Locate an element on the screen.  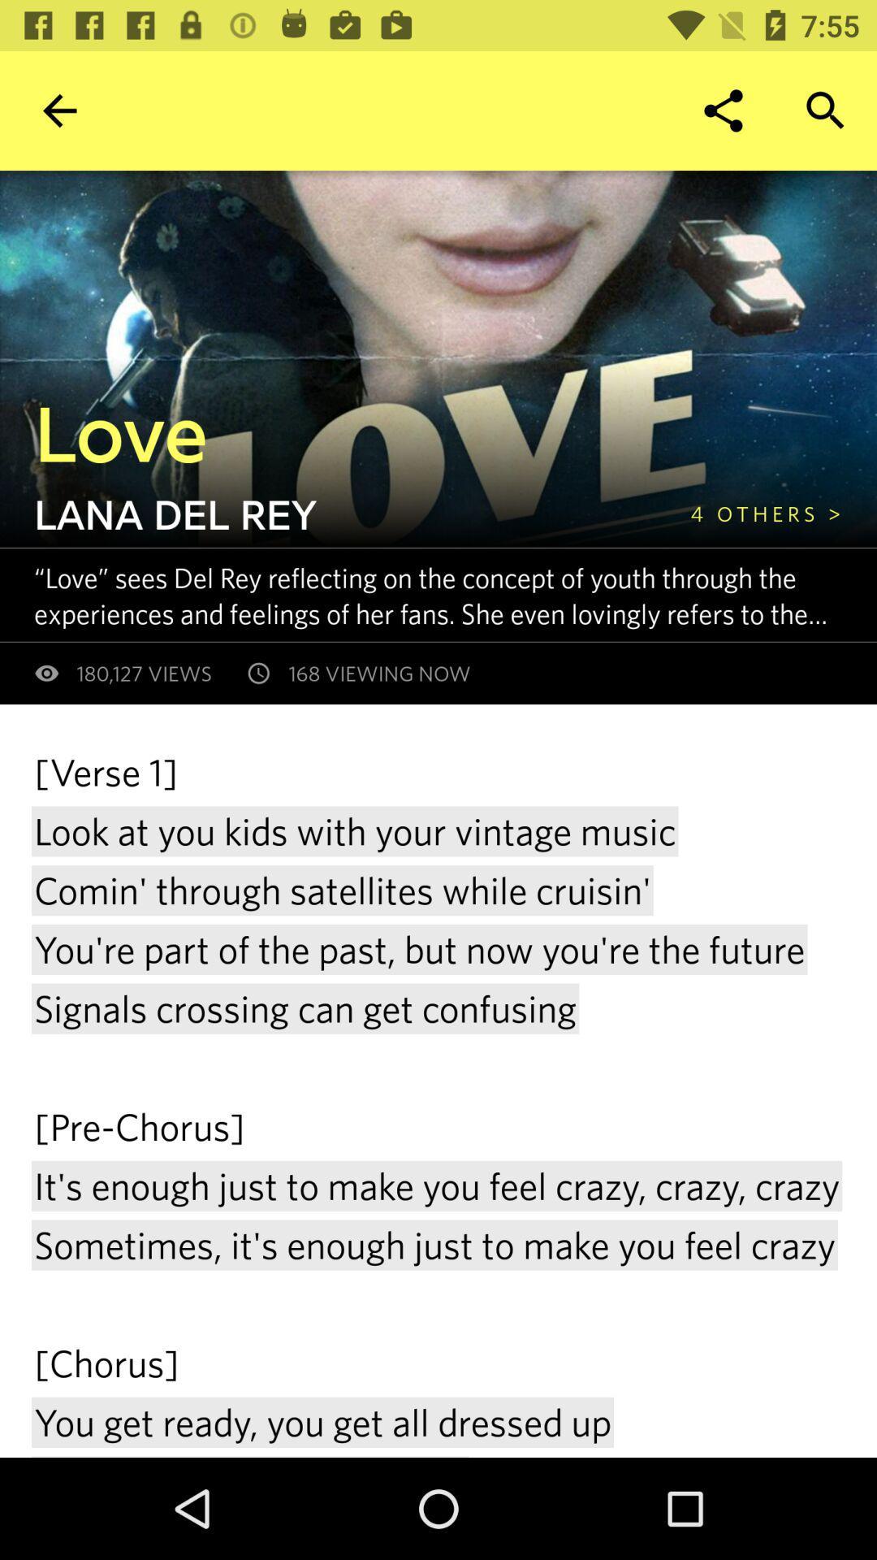
icon next to the lana del rey icon is located at coordinates (766, 513).